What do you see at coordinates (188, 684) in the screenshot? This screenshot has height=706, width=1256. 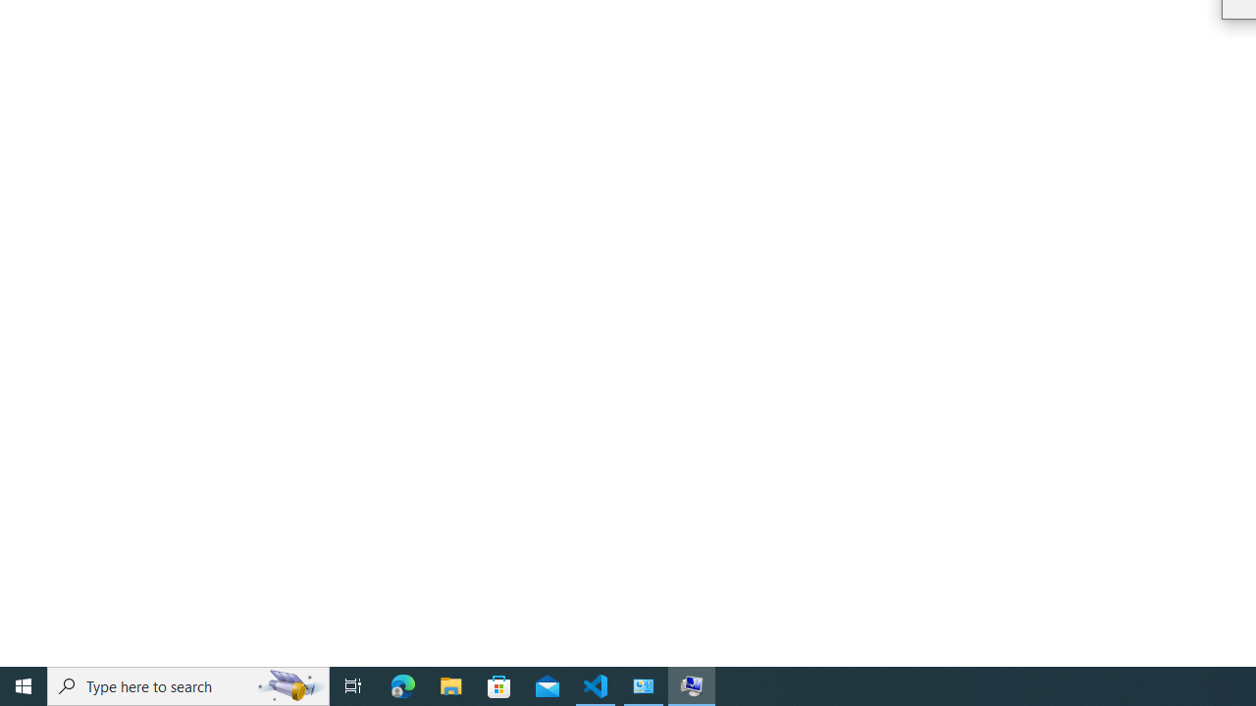 I see `'Type here to search'` at bounding box center [188, 684].